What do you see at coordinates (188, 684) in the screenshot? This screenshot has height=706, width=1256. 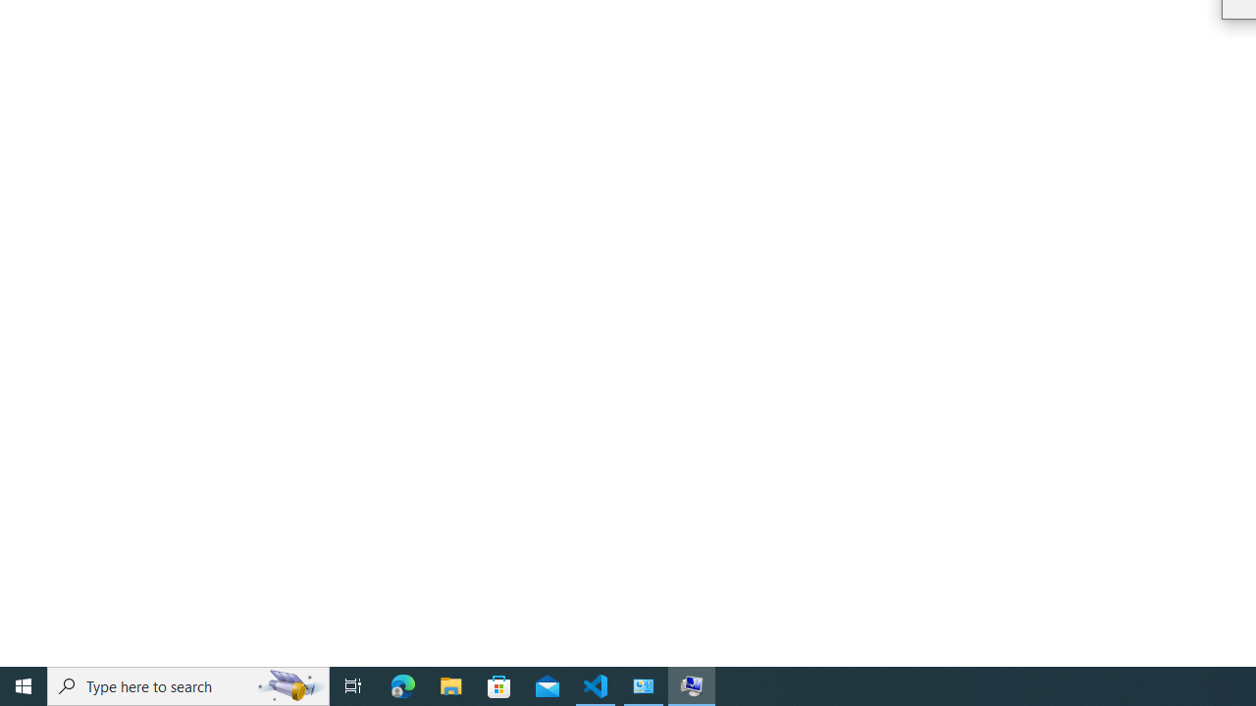 I see `'Type here to search'` at bounding box center [188, 684].